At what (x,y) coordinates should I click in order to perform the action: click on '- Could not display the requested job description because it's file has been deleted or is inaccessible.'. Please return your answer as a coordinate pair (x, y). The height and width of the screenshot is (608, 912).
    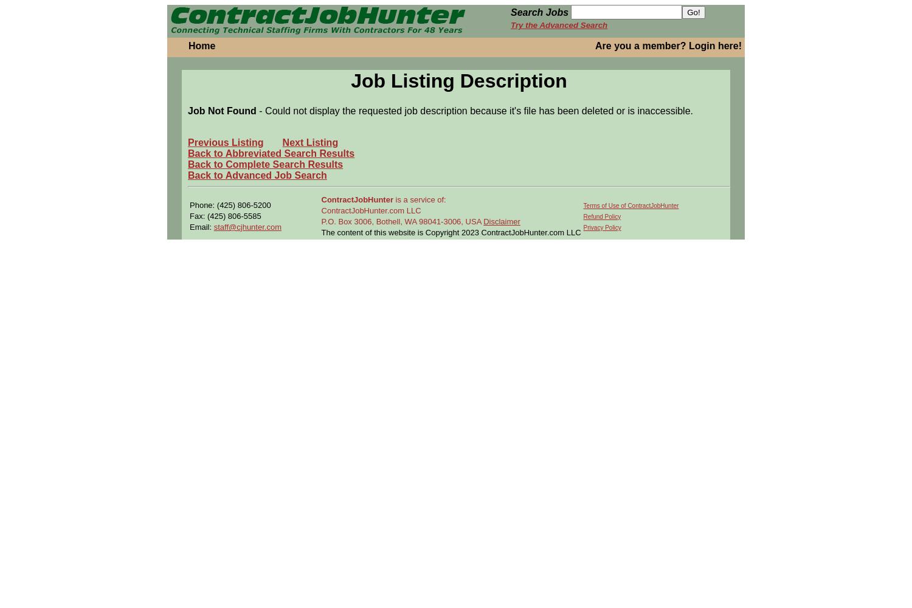
    Looking at the image, I should click on (474, 110).